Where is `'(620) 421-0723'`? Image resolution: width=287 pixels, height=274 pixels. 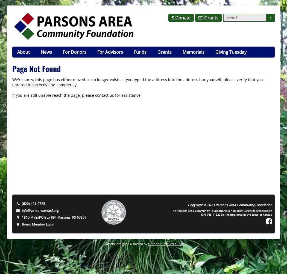 '(620) 421-0723' is located at coordinates (22, 203).